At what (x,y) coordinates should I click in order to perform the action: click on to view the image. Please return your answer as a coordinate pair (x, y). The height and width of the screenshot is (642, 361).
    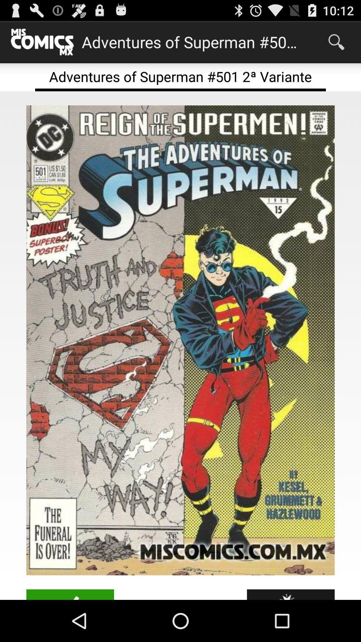
    Looking at the image, I should click on (180, 340).